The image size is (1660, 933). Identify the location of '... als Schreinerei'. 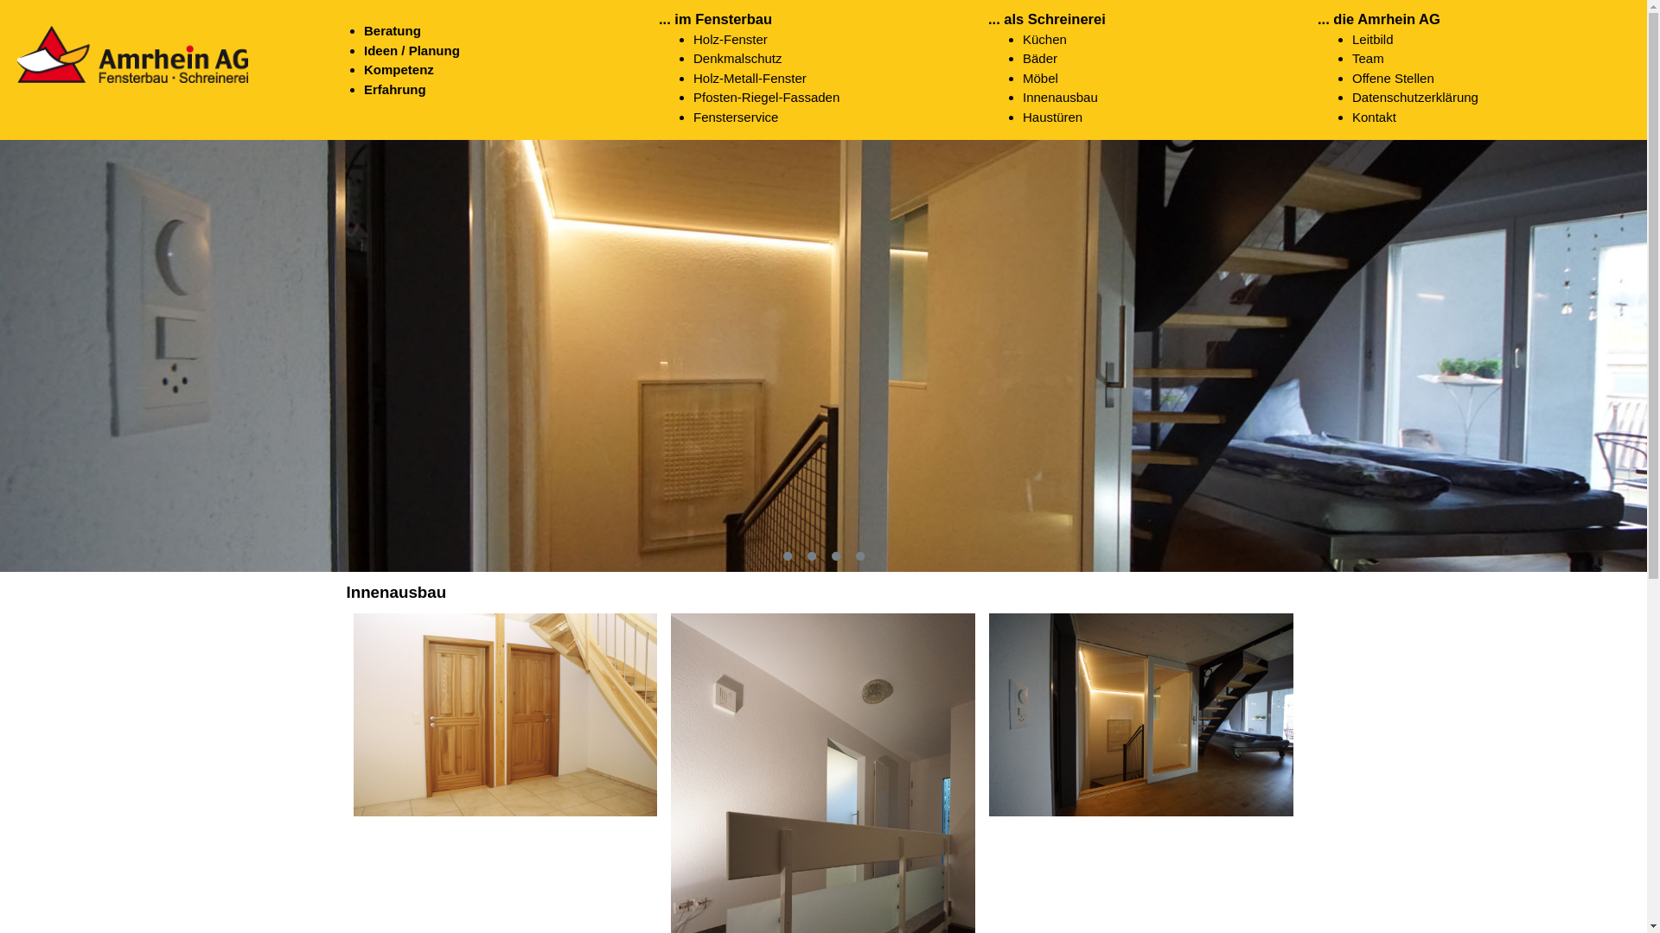
(1045, 19).